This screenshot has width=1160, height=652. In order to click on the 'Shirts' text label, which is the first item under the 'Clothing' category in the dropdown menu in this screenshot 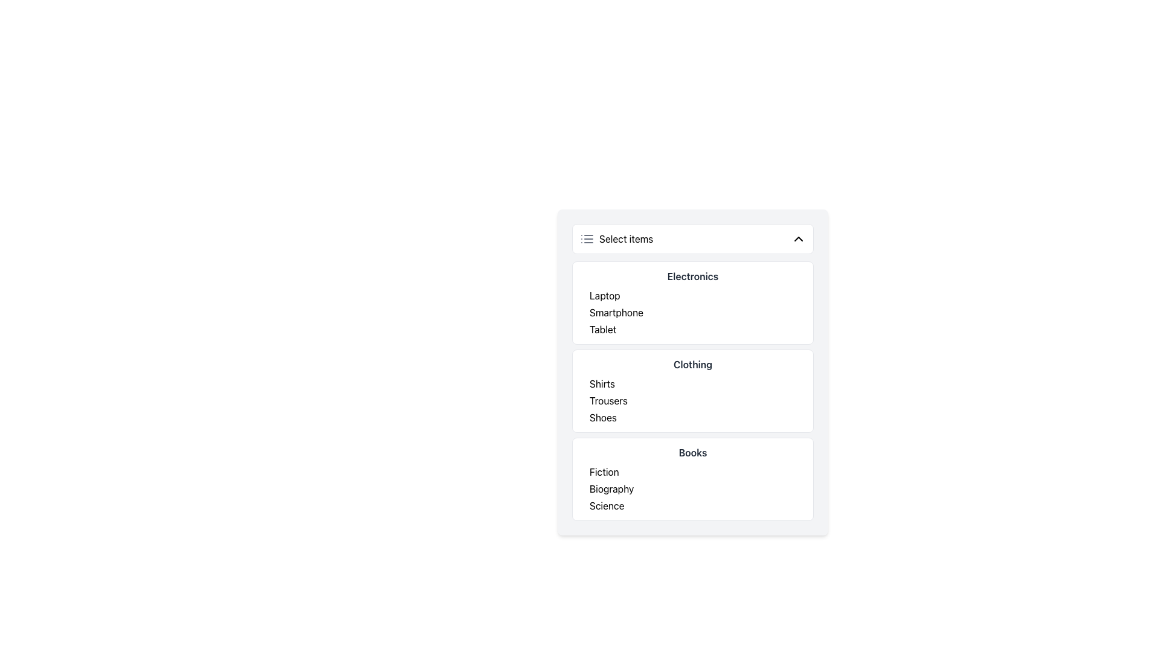, I will do `click(602, 384)`.